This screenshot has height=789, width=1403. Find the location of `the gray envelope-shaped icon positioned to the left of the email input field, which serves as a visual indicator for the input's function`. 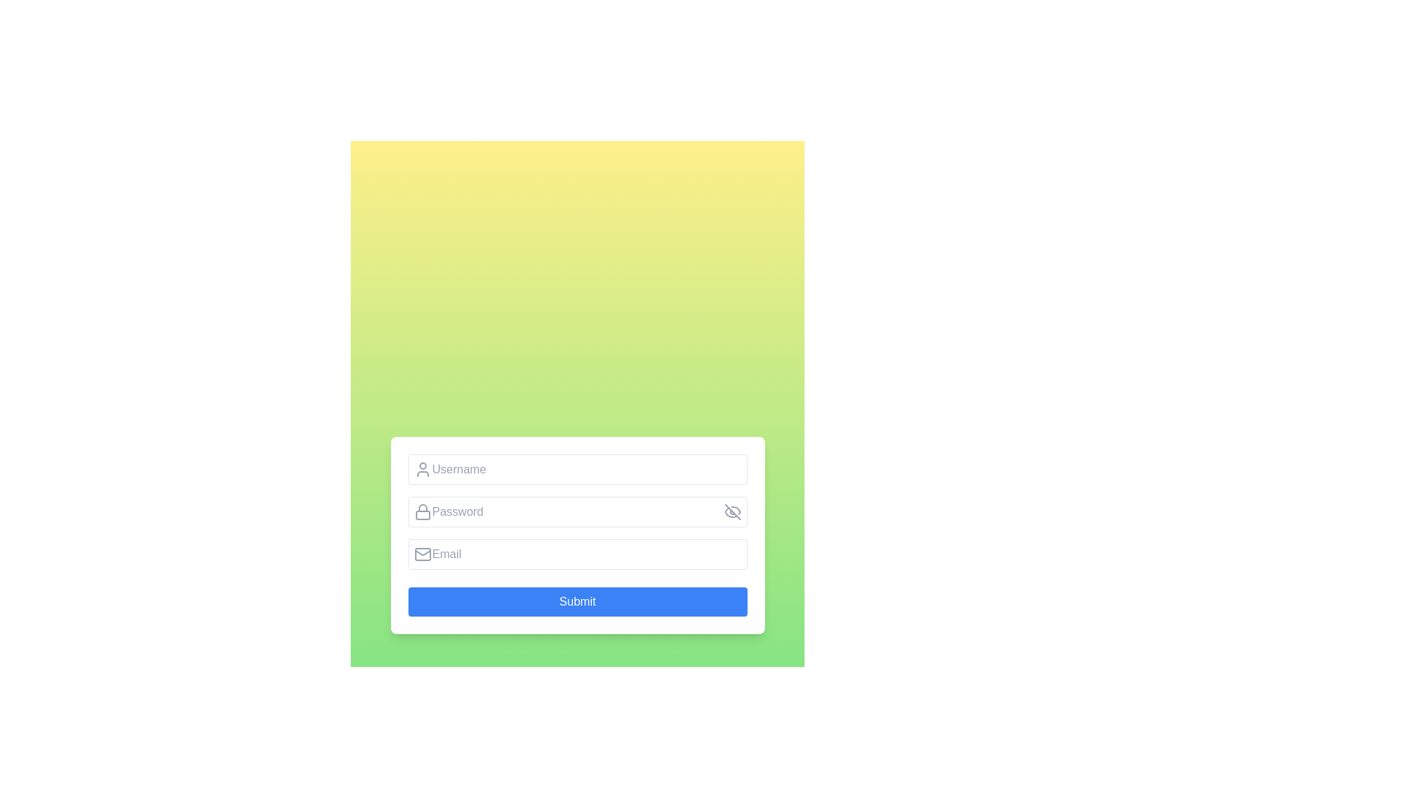

the gray envelope-shaped icon positioned to the left of the email input field, which serves as a visual indicator for the input's function is located at coordinates (422, 554).